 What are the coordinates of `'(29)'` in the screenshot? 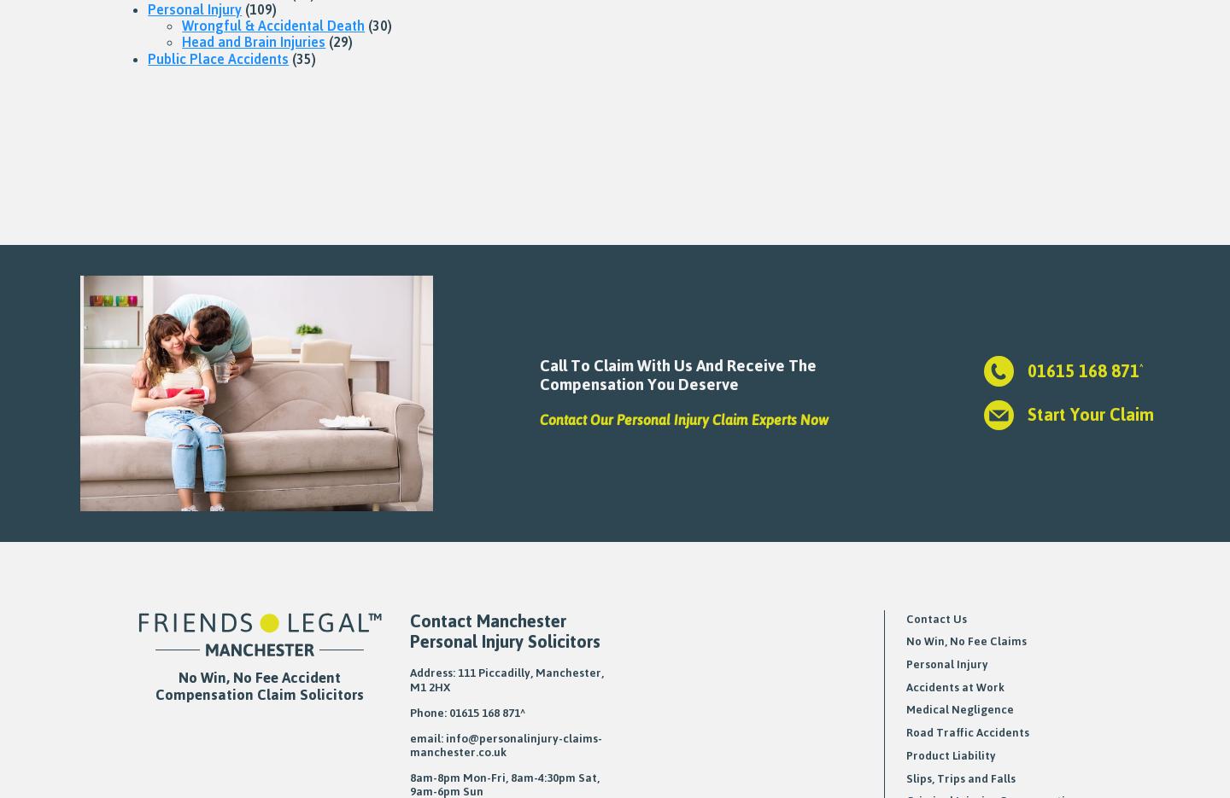 It's located at (325, 41).